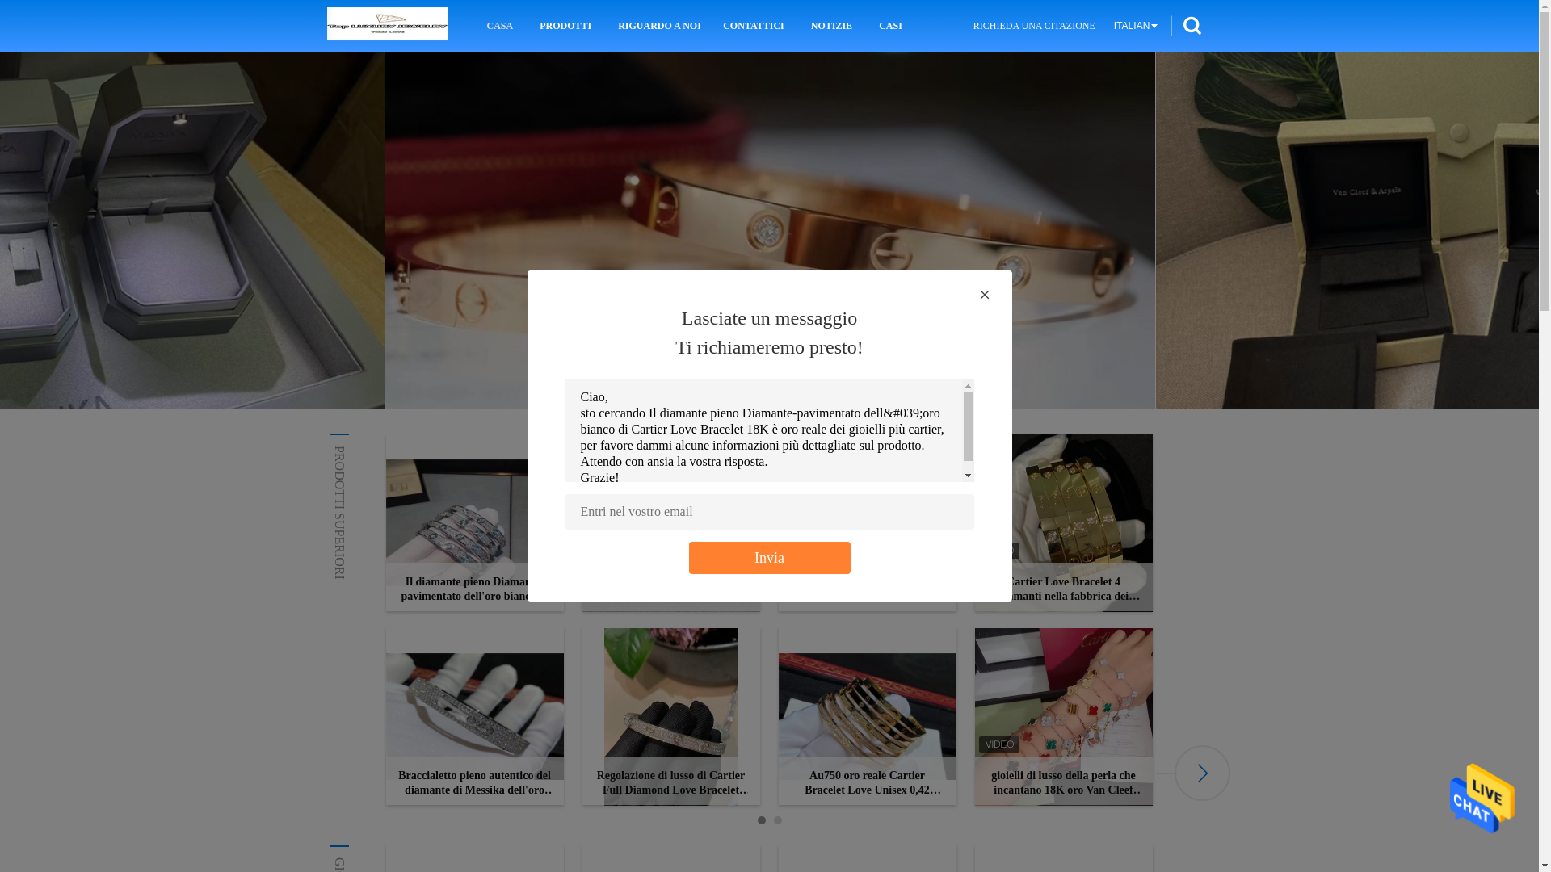 This screenshot has height=872, width=1551. What do you see at coordinates (455, 863) in the screenshot?
I see `'GIOIELLI DEL DIAMANTE DELL'ORO 18K'` at bounding box center [455, 863].